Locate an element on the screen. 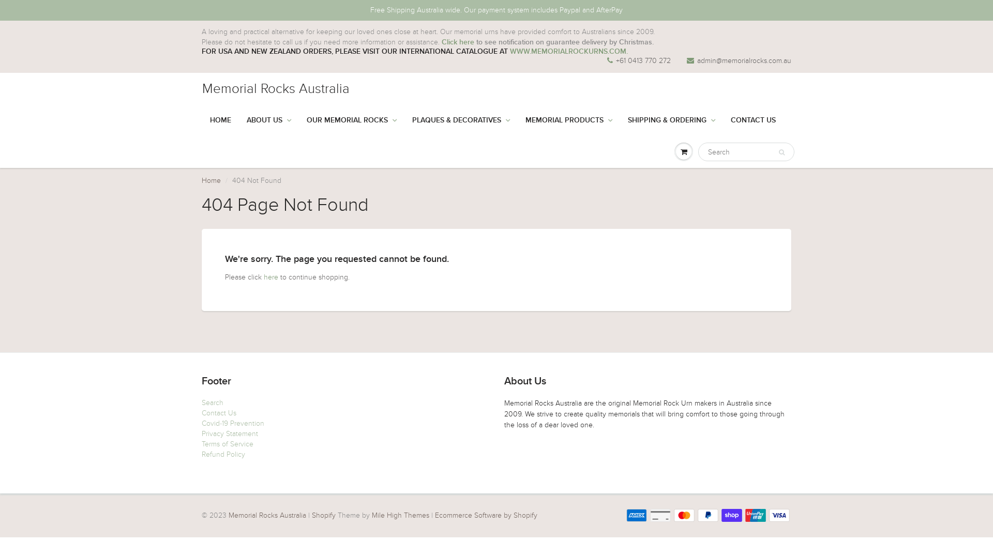 This screenshot has width=993, height=558. 'Home' is located at coordinates (210, 180).